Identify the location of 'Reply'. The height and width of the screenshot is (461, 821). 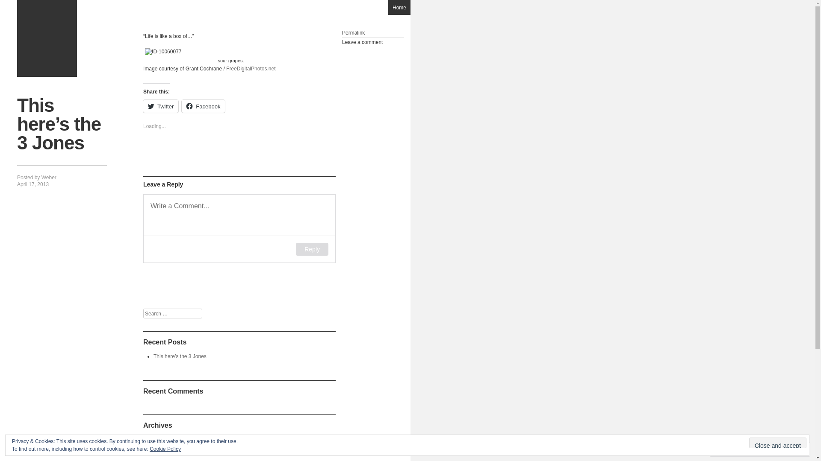
(311, 249).